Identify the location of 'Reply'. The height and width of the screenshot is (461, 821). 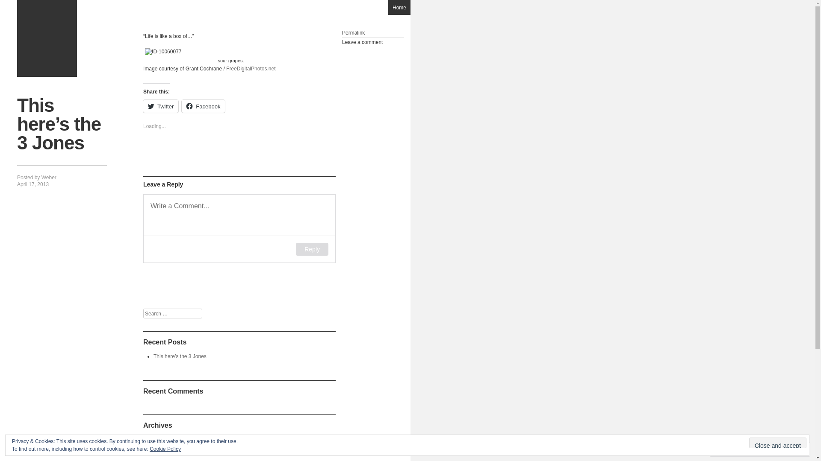
(311, 249).